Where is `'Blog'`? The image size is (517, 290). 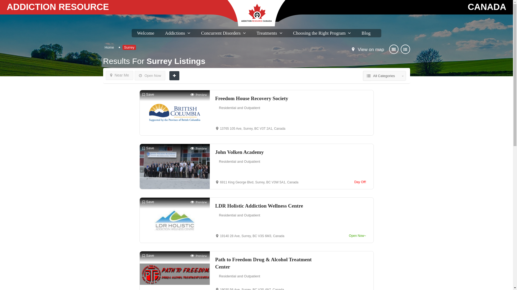 'Blog' is located at coordinates (366, 33).